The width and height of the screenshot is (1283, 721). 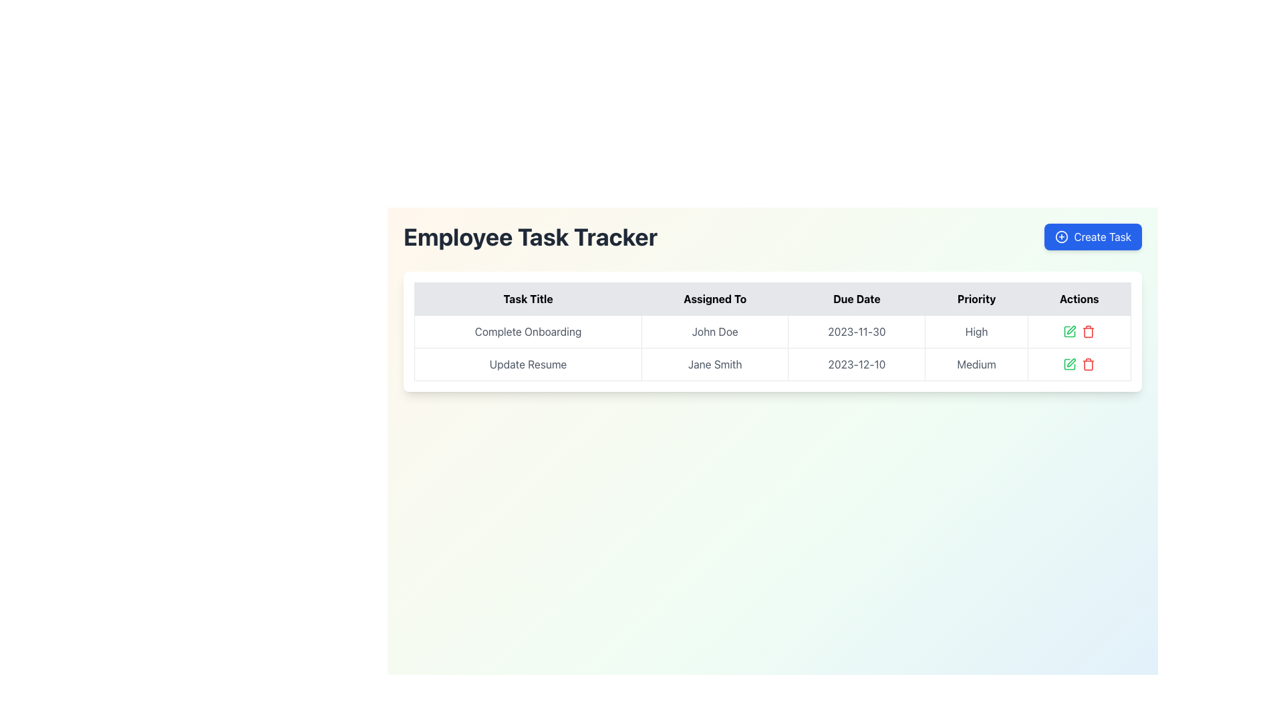 What do you see at coordinates (1089, 331) in the screenshot?
I see `the red trash bin icon in the 'Actions' column of the second row that corresponds to the task 'Update Resume'` at bounding box center [1089, 331].